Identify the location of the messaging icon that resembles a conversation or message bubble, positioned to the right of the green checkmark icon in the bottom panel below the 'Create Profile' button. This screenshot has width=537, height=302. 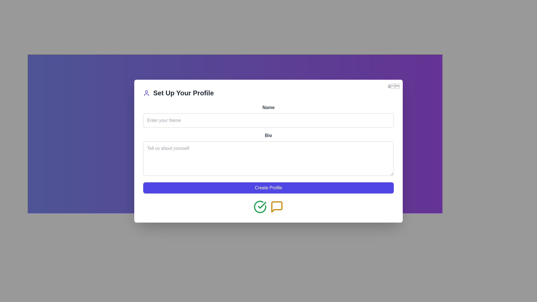
(277, 207).